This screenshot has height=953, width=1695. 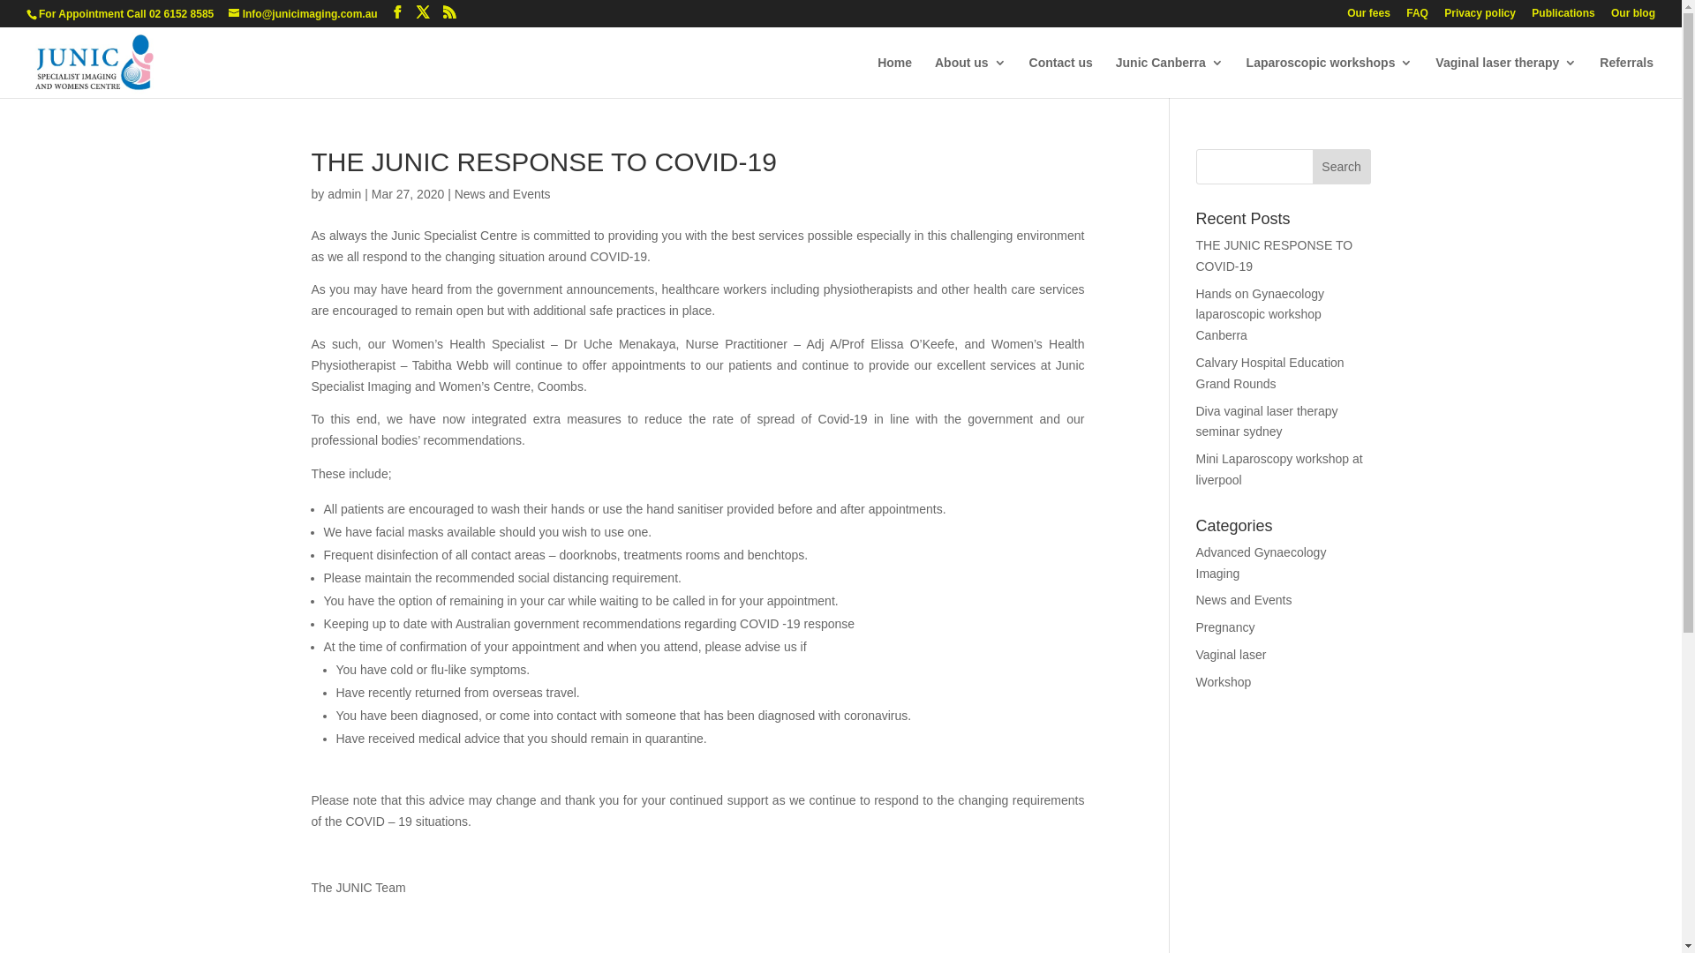 What do you see at coordinates (1059, 76) in the screenshot?
I see `'Contact us'` at bounding box center [1059, 76].